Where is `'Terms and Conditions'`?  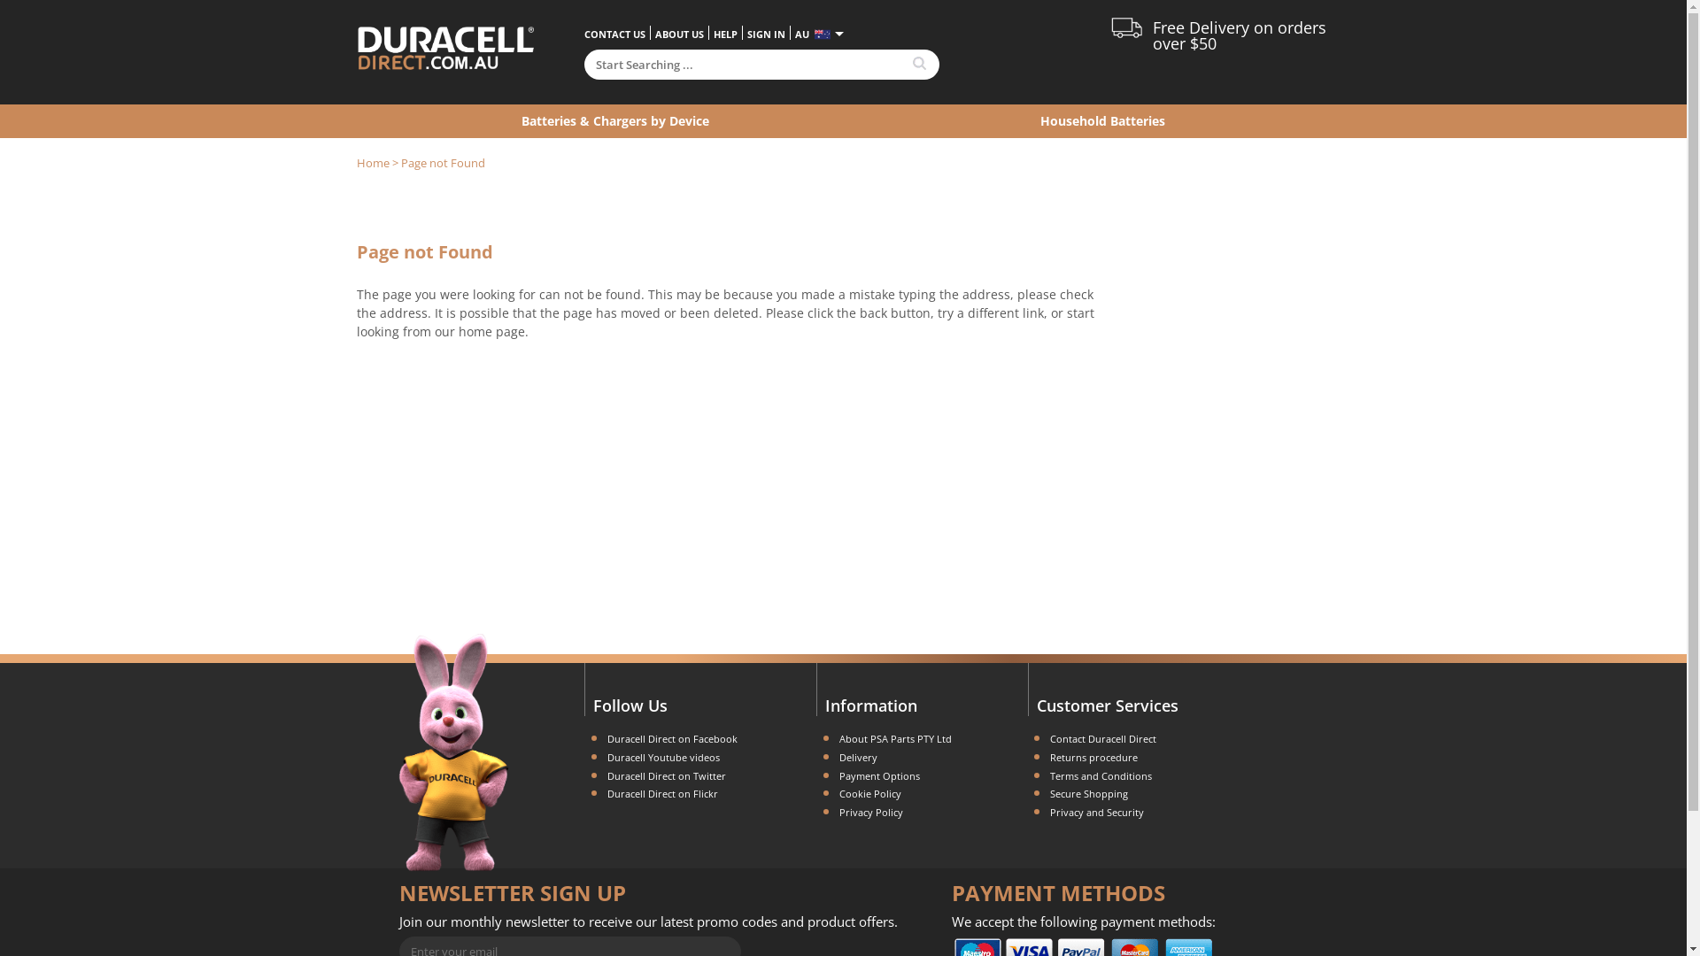 'Terms and Conditions' is located at coordinates (1100, 775).